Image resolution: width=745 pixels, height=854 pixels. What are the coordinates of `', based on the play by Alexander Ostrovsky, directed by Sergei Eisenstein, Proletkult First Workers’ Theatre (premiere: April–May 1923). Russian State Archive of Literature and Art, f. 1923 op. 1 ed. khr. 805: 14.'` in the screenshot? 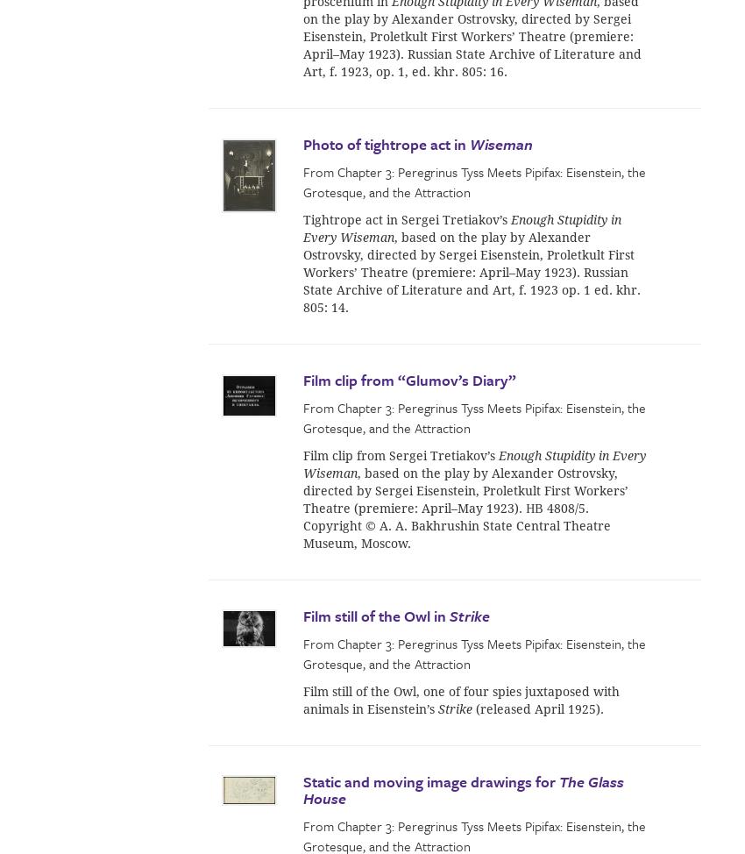 It's located at (471, 271).